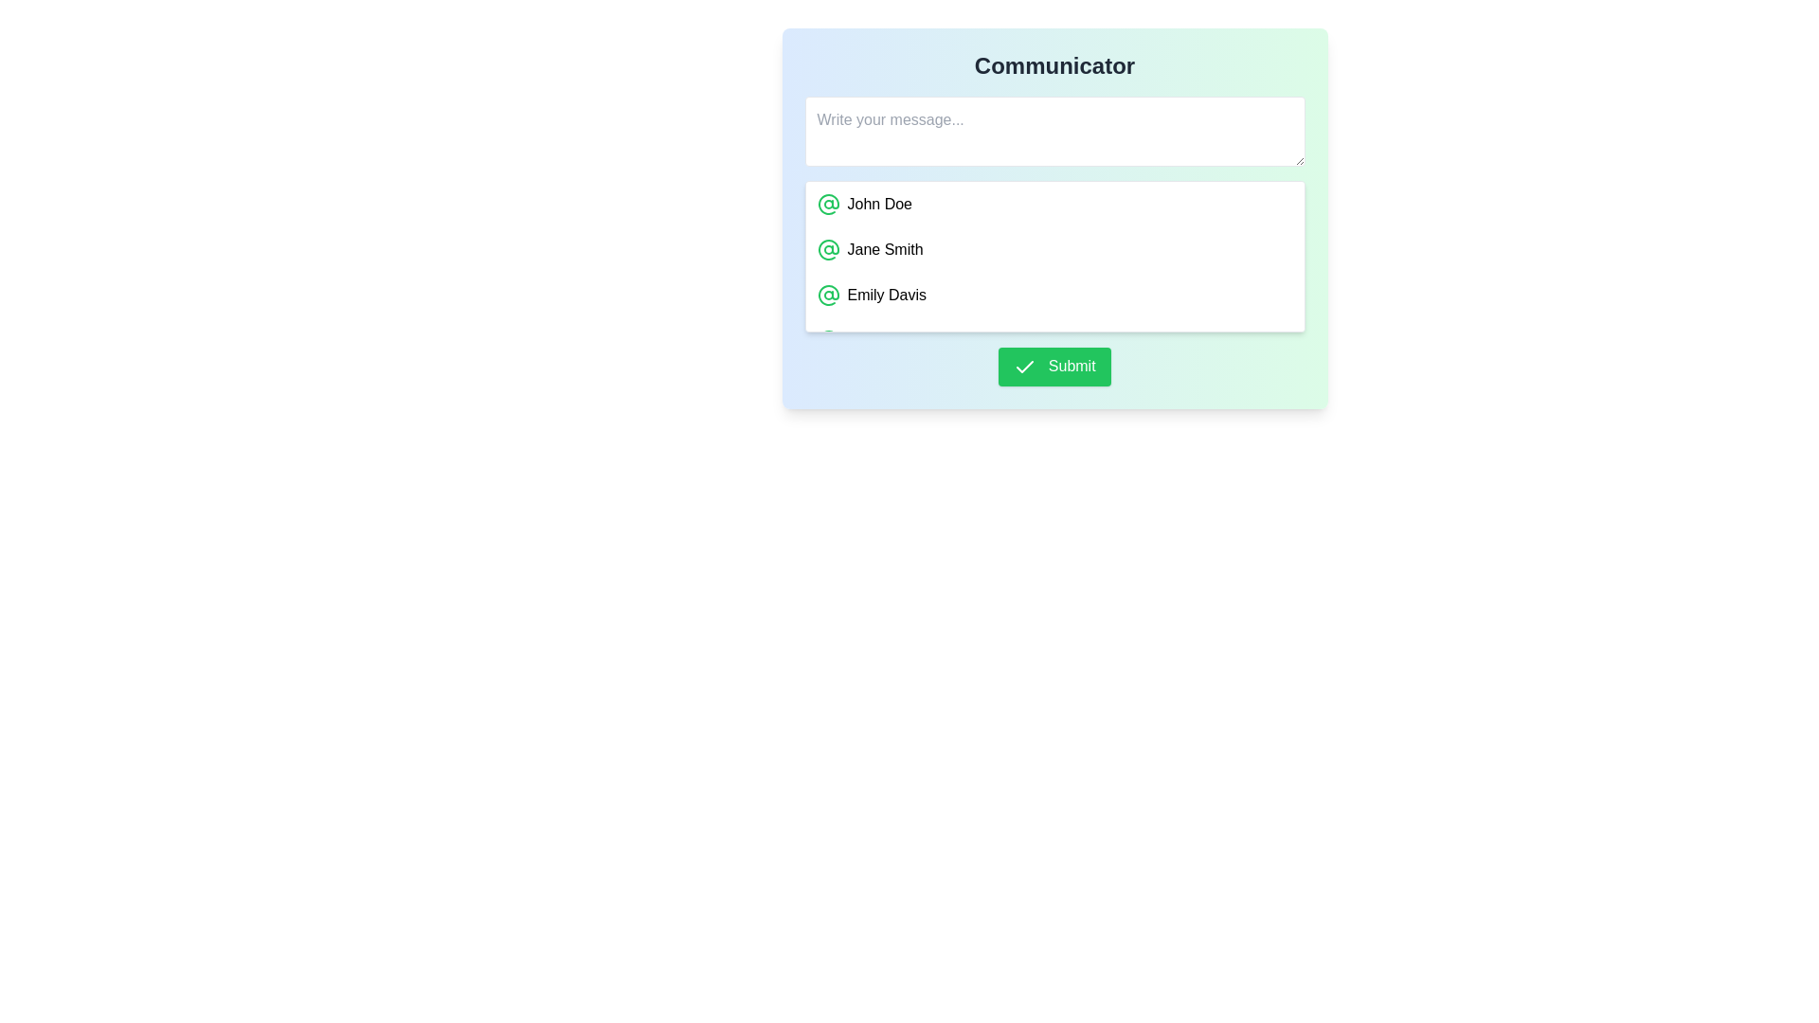 The width and height of the screenshot is (1819, 1023). Describe the element at coordinates (1054, 367) in the screenshot. I see `the confirmation button located at the bottom of the card-like component` at that location.